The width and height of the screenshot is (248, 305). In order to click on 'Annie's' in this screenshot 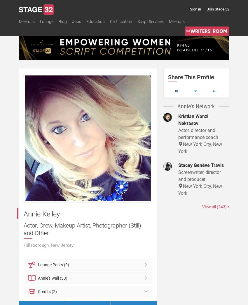, I will do `click(45, 278)`.